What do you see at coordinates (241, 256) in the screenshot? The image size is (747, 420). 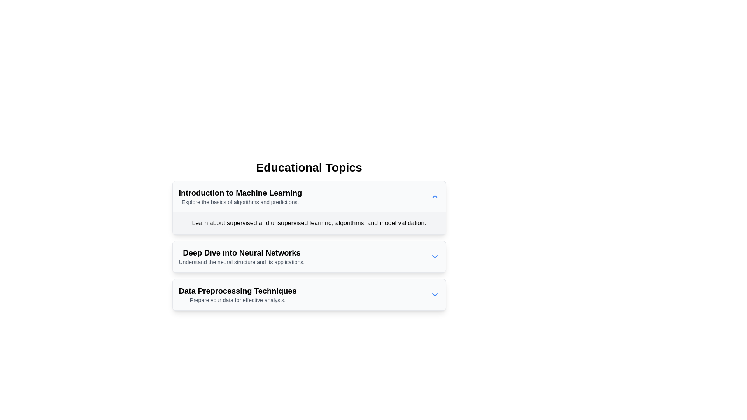 I see `the title 'Deep Dive into Neural Networks' in the text block` at bounding box center [241, 256].